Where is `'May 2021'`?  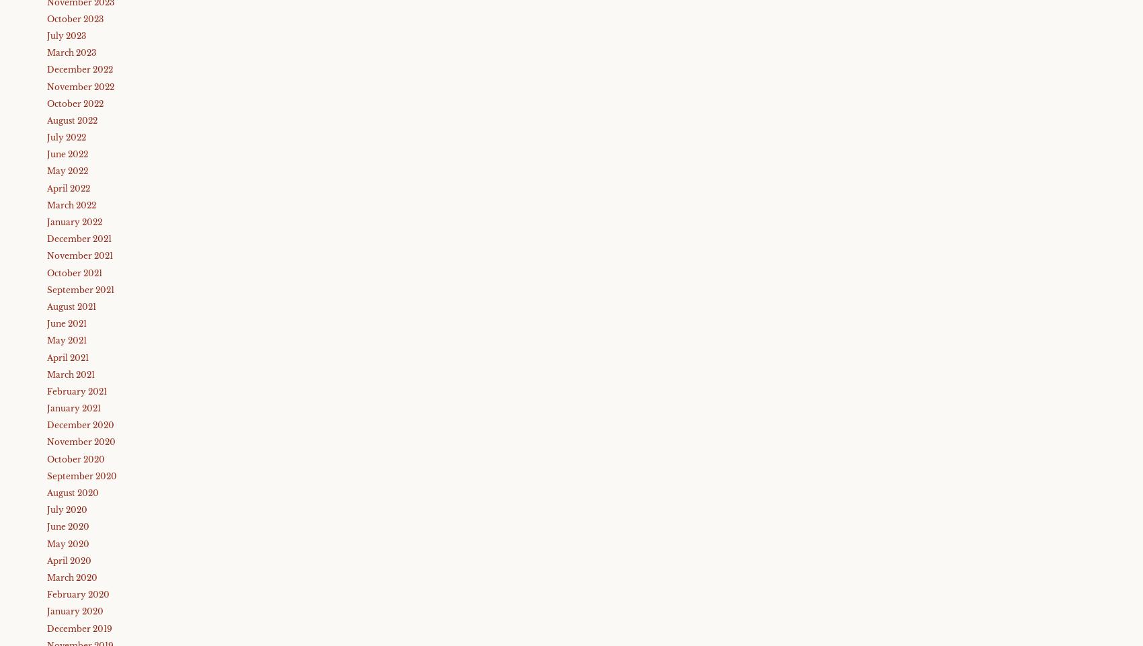
'May 2021' is located at coordinates (67, 340).